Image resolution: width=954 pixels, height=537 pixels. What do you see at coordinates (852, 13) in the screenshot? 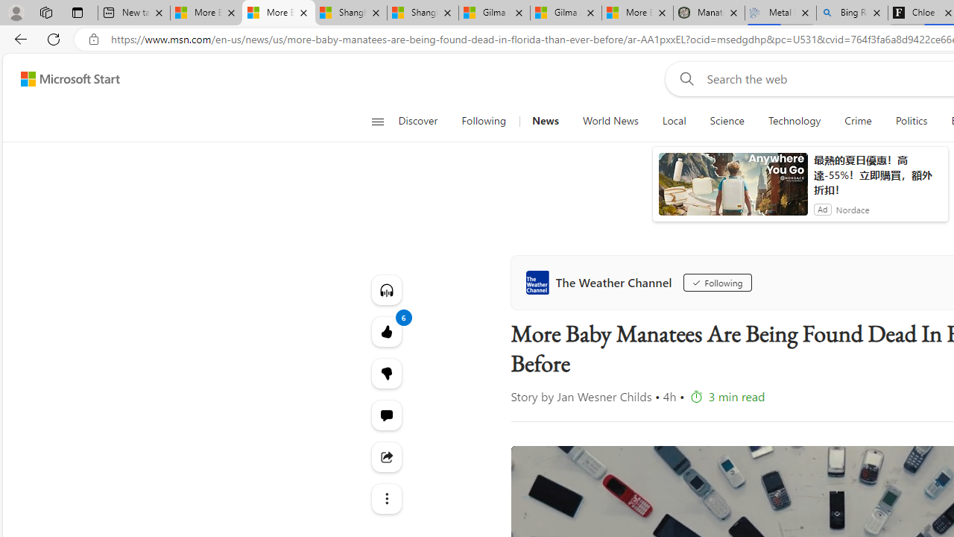
I see `'Bing Real Estate - Home sales and rental listings'` at bounding box center [852, 13].